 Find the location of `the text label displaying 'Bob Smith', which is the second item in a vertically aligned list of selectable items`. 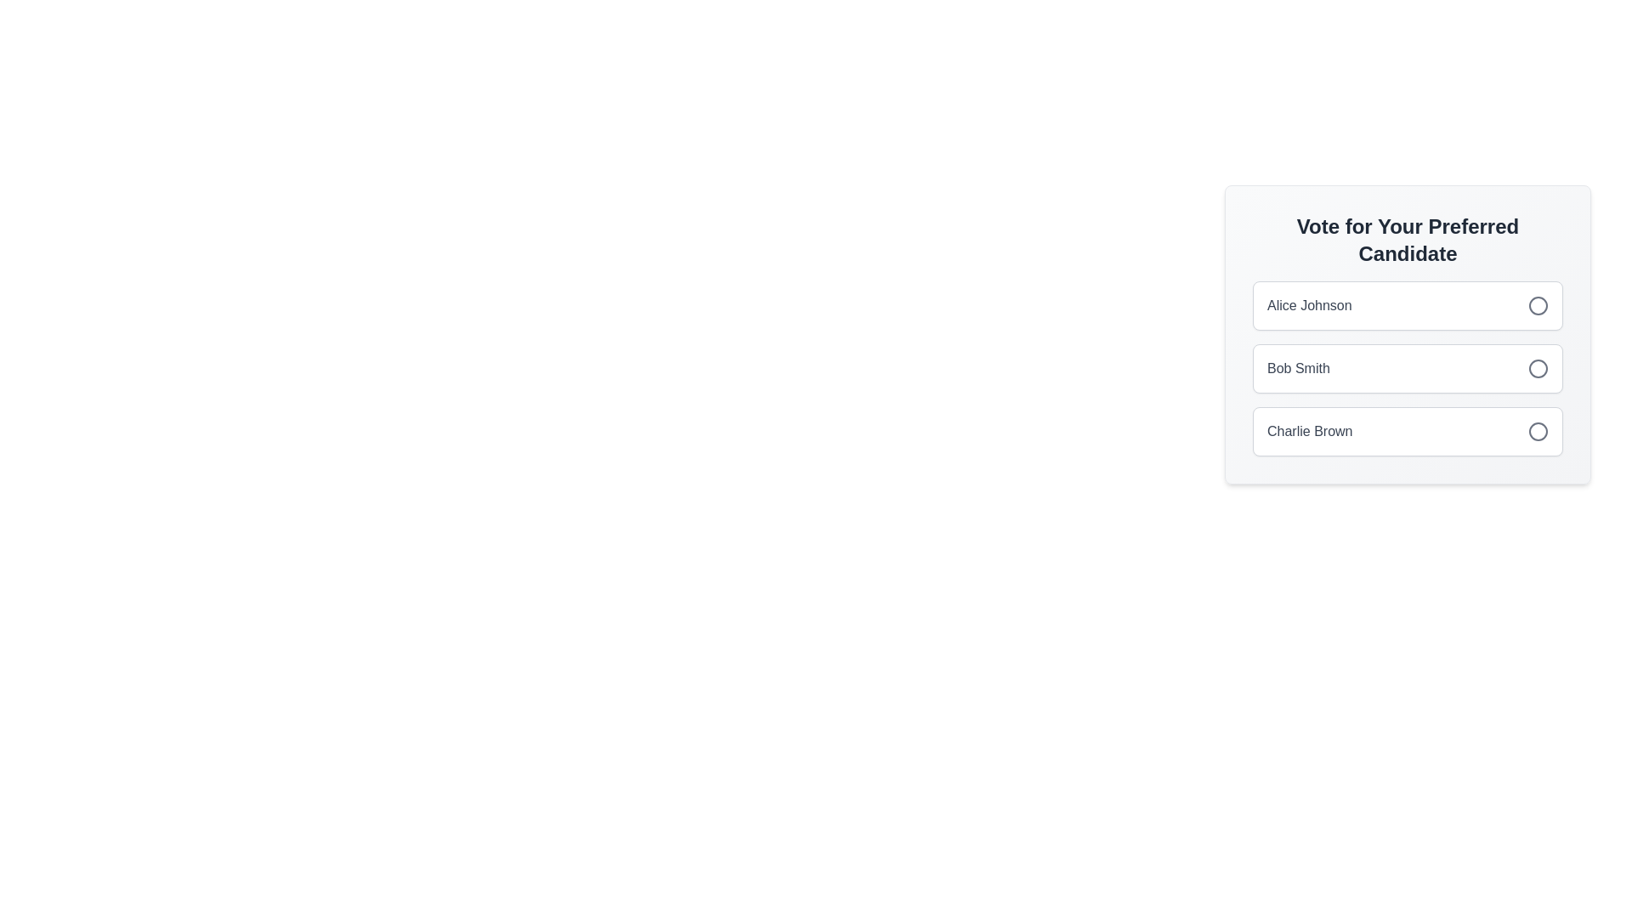

the text label displaying 'Bob Smith', which is the second item in a vertically aligned list of selectable items is located at coordinates (1297, 368).